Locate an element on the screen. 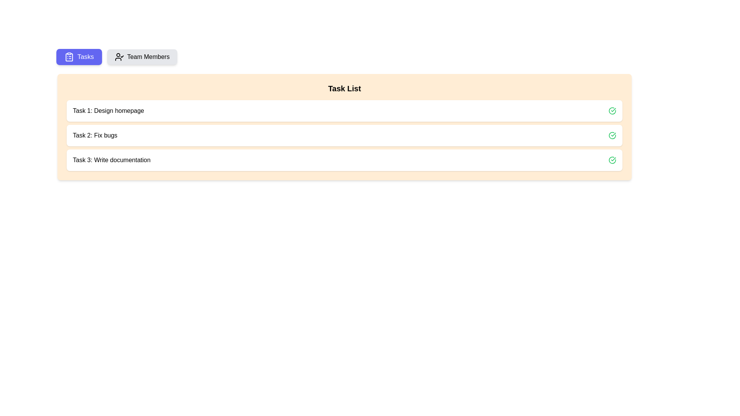 The height and width of the screenshot is (416, 740). the checkmark icon within a circle that indicates the completed status for 'Task 1: Design homepage', located on the far right of the task entry is located at coordinates (612, 111).